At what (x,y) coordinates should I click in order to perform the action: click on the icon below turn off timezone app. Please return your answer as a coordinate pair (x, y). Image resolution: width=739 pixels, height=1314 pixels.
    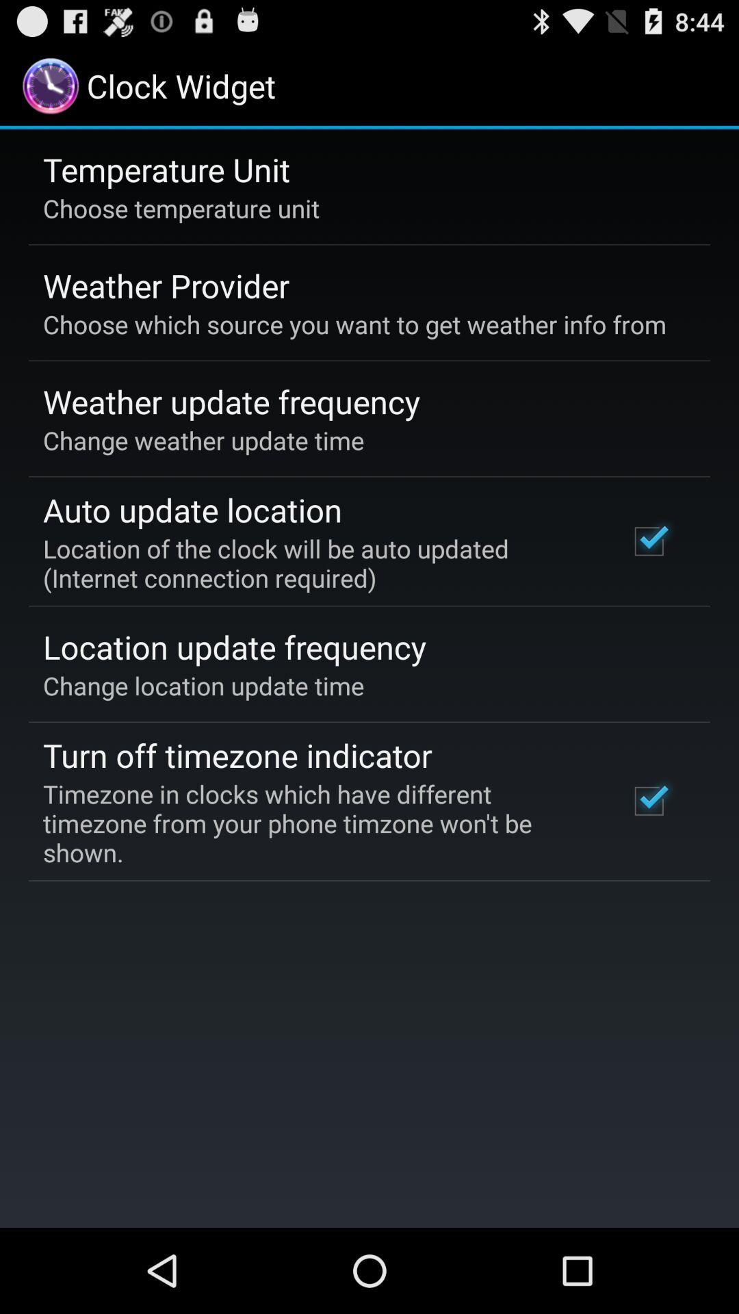
    Looking at the image, I should click on (317, 823).